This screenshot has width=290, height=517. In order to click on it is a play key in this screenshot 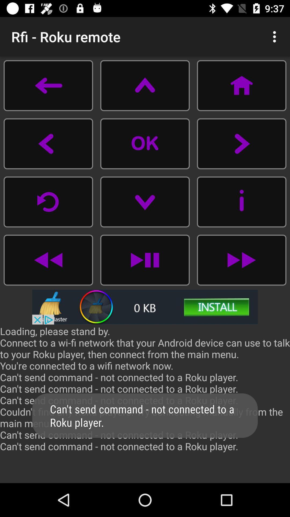, I will do `click(145, 260)`.